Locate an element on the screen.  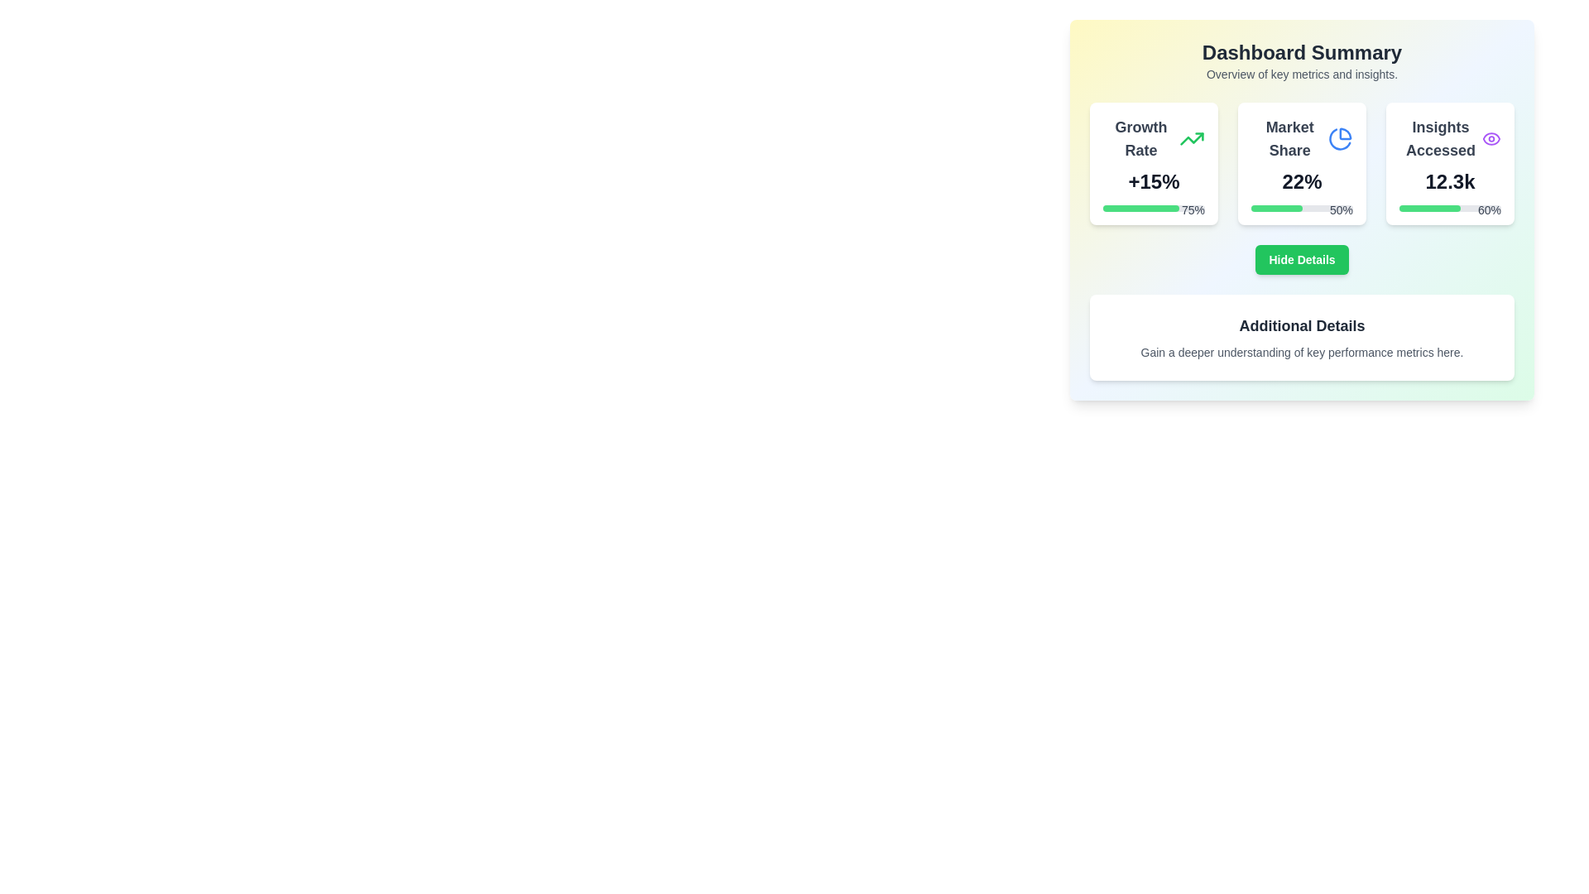
the Informative card located at the bottom of the 'Dashboard Summary' section, which is horizontally centered and positioned below the 'Hide Details' button is located at coordinates (1301, 337).